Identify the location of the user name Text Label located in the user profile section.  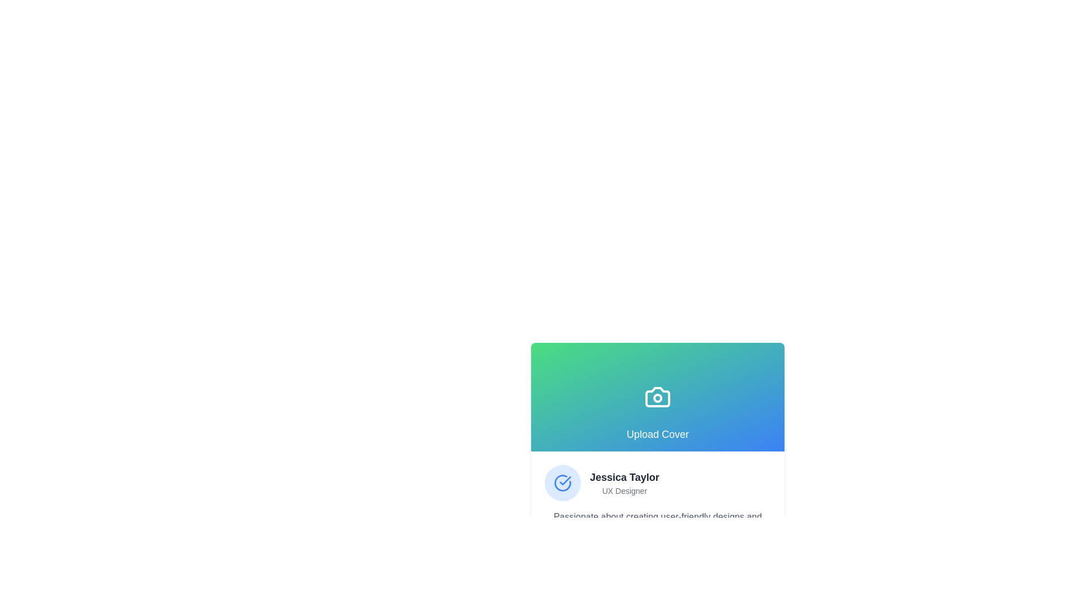
(624, 477).